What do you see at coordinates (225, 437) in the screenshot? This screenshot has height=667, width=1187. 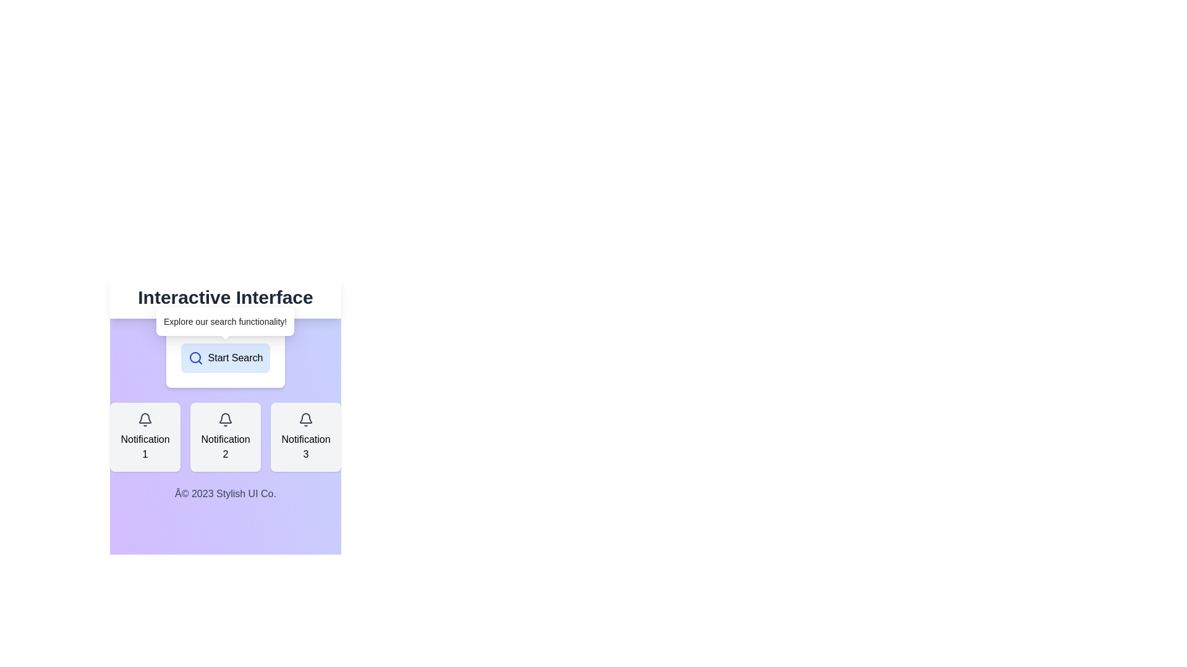 I see `the 'Notification 2' display card, which is the second notification card in a group of three, positioned in the middle portion of the user interface` at bounding box center [225, 437].